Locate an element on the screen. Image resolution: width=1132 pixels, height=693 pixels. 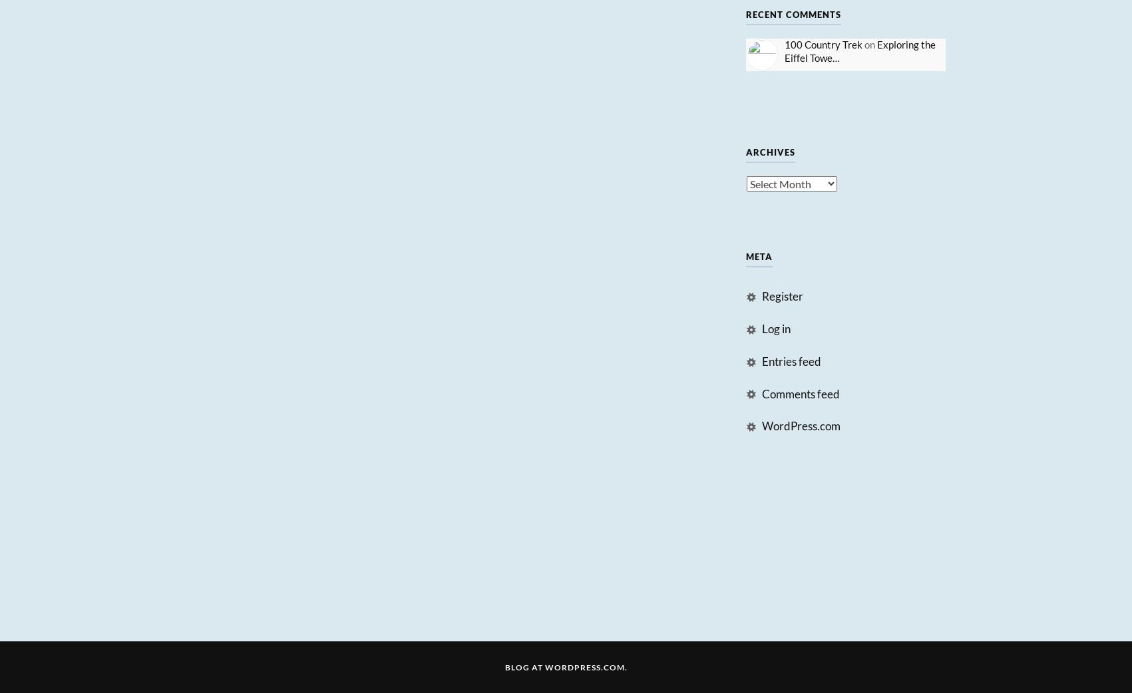
'Comments feed' is located at coordinates (760, 392).